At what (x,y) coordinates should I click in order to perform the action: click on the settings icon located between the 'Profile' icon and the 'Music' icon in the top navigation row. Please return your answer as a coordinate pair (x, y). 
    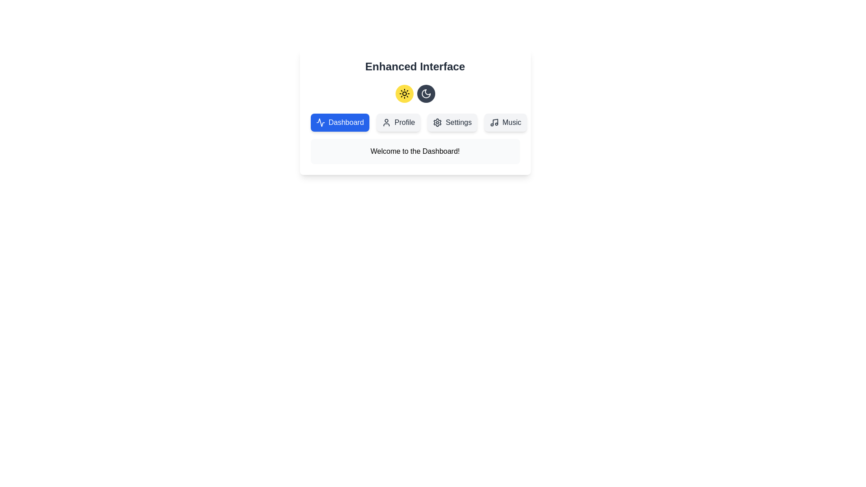
    Looking at the image, I should click on (438, 123).